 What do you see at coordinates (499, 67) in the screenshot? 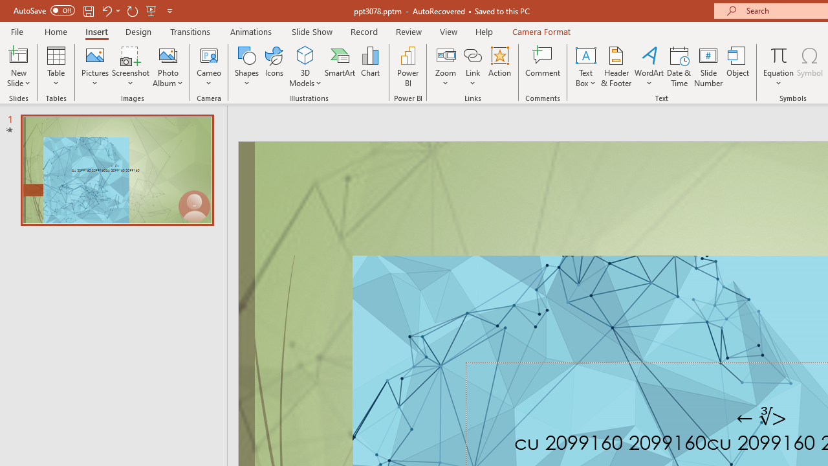
I see `'Action'` at bounding box center [499, 67].